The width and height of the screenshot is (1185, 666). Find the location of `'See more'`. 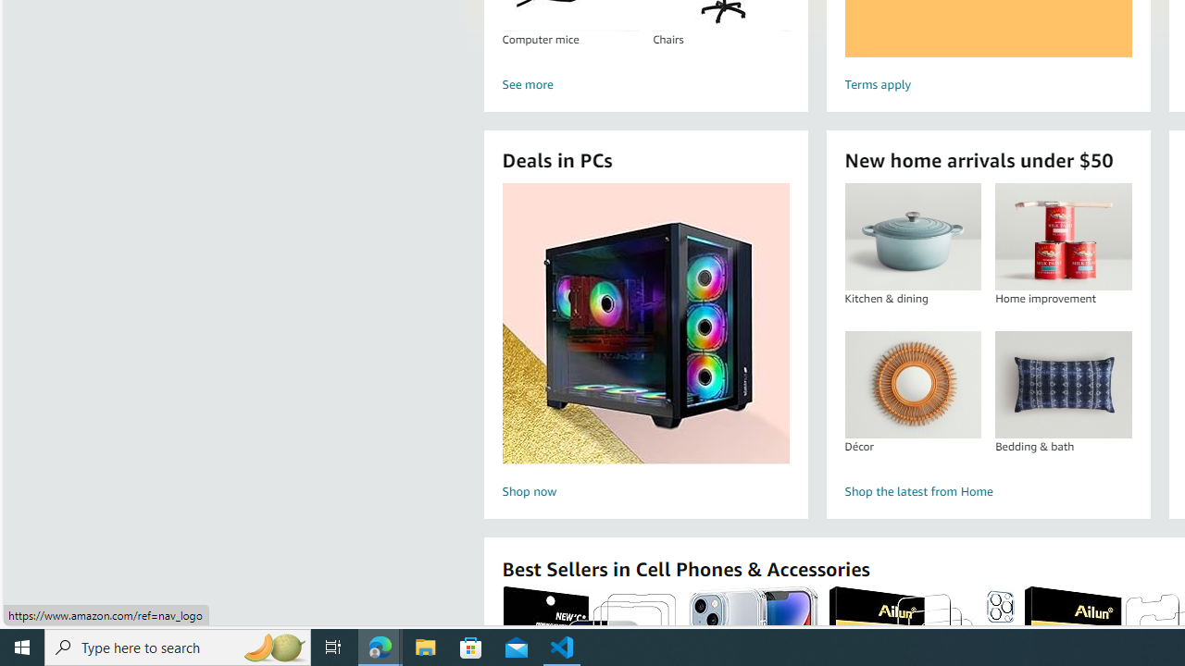

'See more' is located at coordinates (644, 85).